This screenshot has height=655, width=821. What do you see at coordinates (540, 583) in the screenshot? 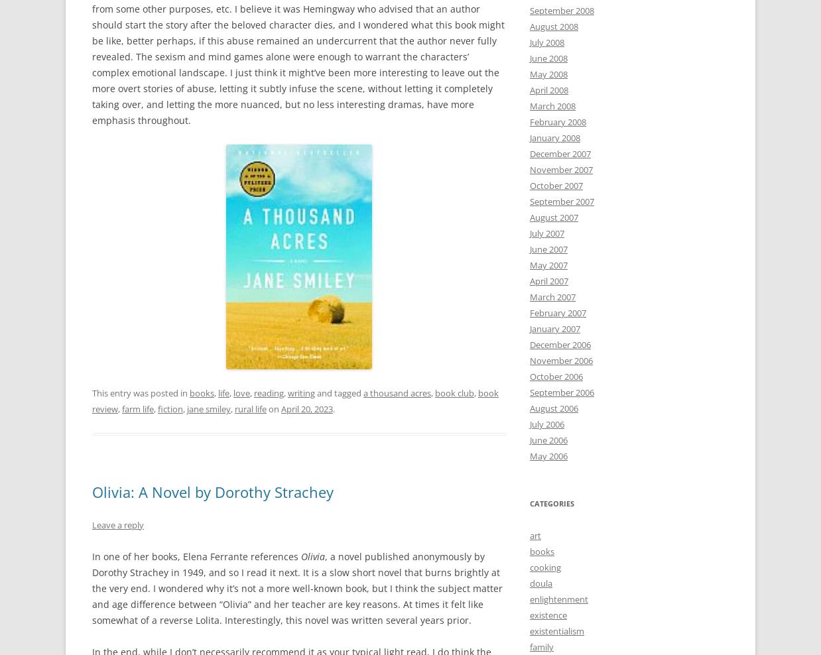
I see `'doula'` at bounding box center [540, 583].